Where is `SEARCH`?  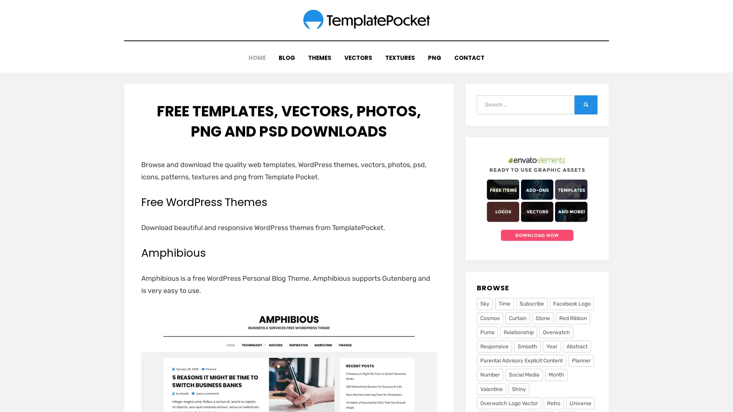 SEARCH is located at coordinates (586, 101).